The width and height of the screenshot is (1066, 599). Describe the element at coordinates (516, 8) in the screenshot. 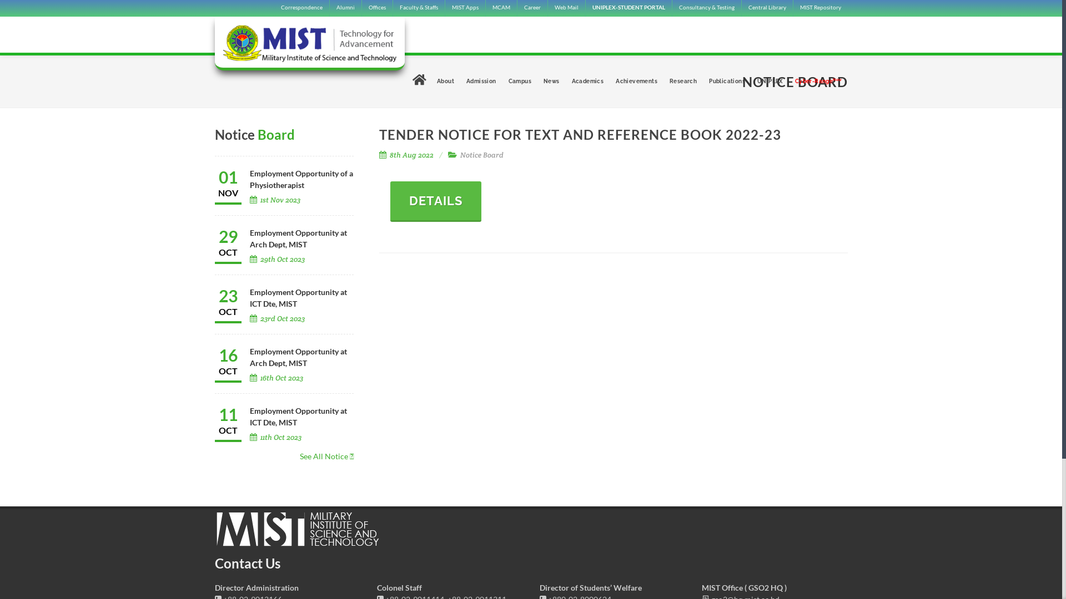

I see `'Career'` at that location.